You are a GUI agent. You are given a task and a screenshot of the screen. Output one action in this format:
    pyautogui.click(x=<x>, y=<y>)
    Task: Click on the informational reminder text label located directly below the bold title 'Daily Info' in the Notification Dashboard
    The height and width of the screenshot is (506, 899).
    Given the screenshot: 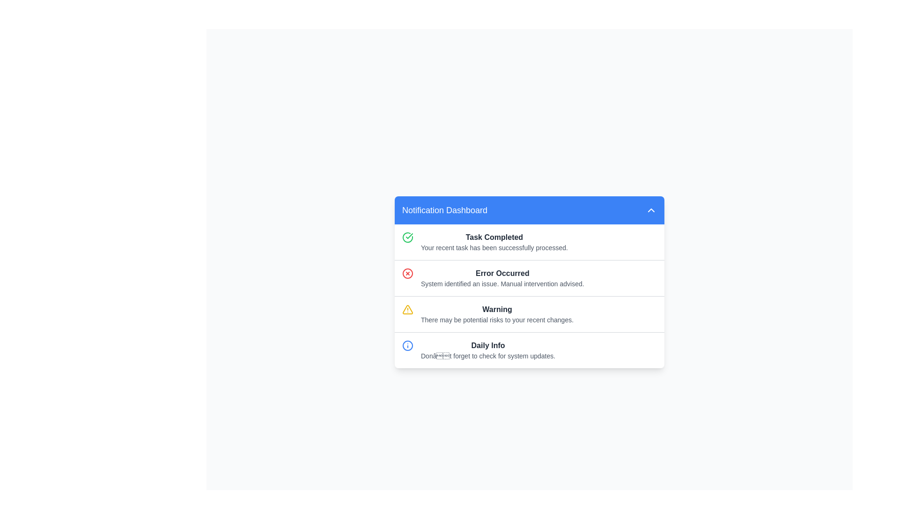 What is the action you would take?
    pyautogui.click(x=487, y=356)
    